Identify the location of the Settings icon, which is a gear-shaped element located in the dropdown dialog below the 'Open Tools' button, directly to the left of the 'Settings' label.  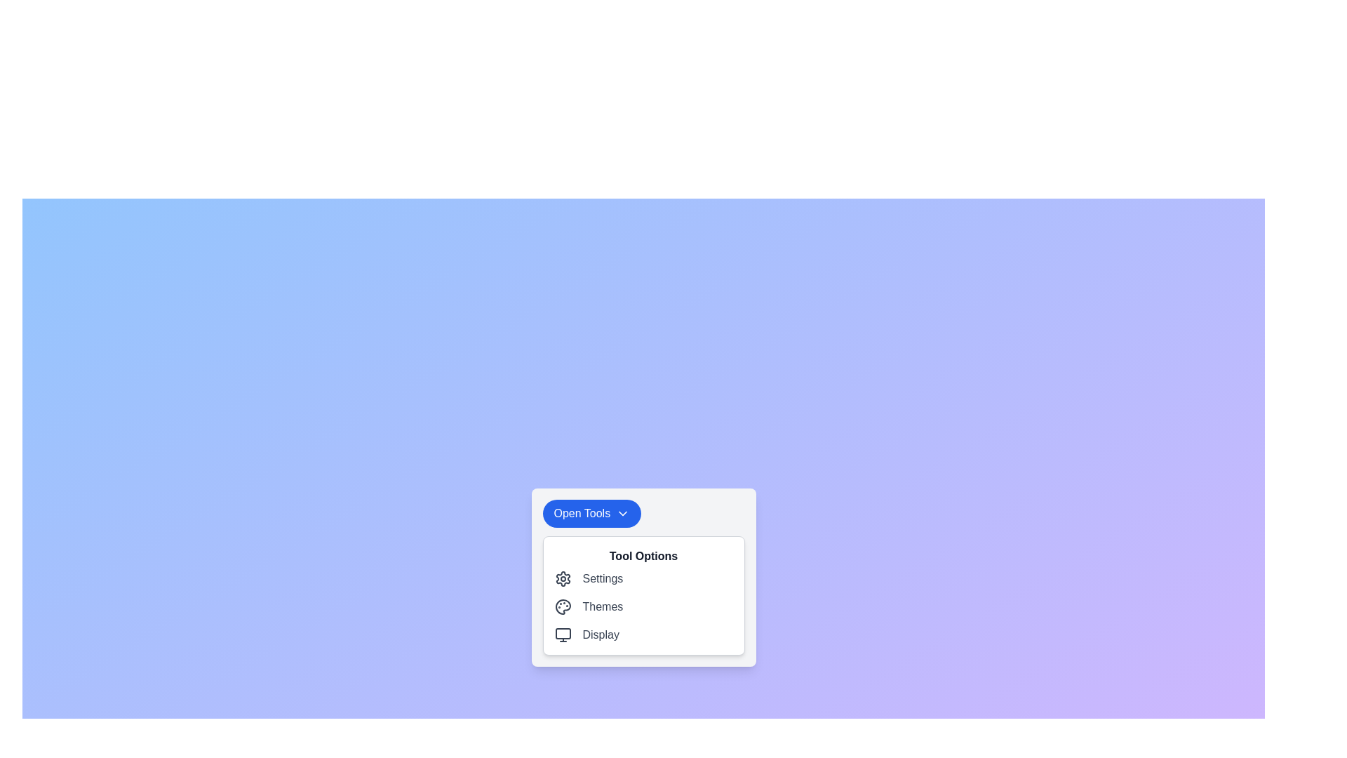
(563, 579).